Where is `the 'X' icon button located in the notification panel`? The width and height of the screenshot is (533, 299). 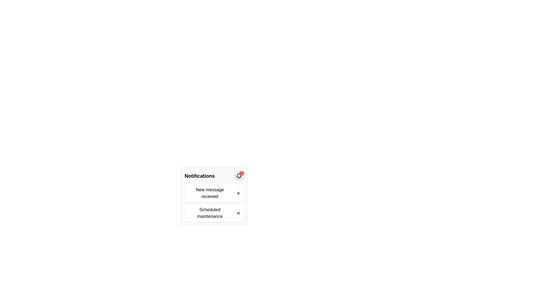
the 'X' icon button located in the notification panel is located at coordinates (238, 193).